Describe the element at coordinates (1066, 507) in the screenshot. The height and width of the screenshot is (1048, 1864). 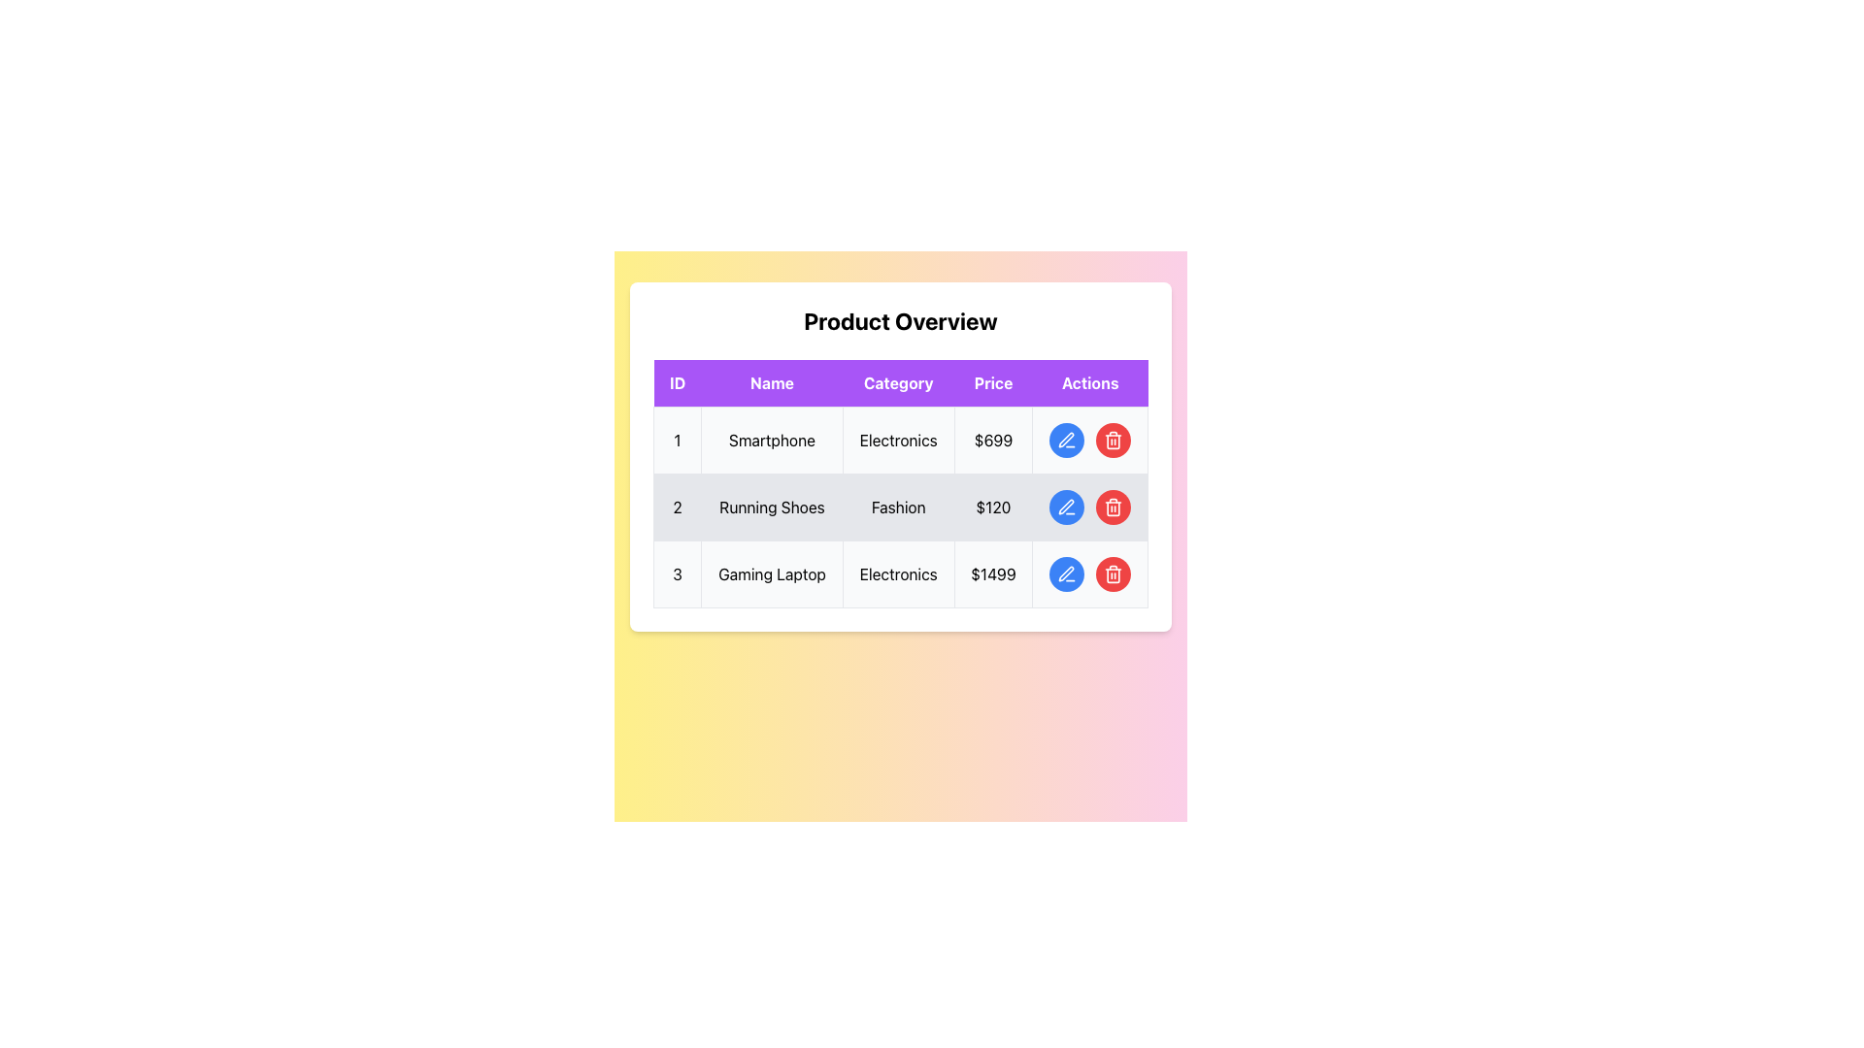
I see `the circular blue button with a pen icon located in the 'Actions' column of the second row of the table` at that location.